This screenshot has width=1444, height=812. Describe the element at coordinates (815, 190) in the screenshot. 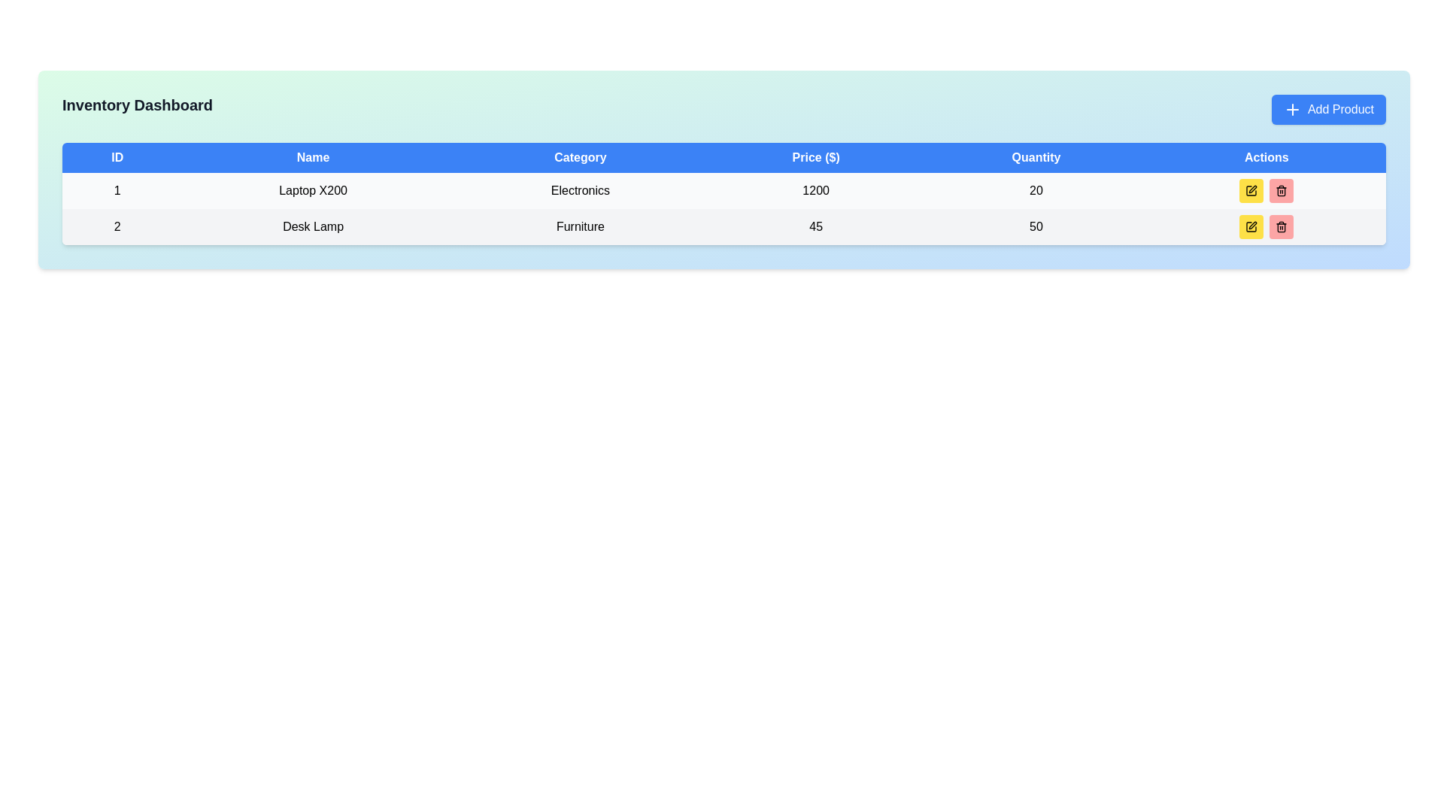

I see `value displayed in the static text that shows the price of the product in the fourth column of the first data row, under the 'Price ($)' header` at that location.